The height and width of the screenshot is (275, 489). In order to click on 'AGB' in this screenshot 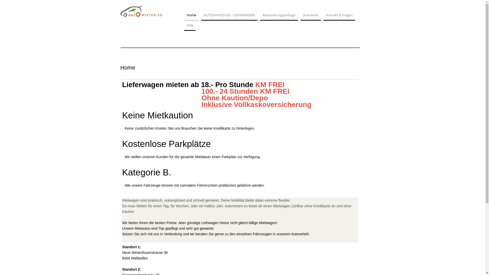, I will do `click(189, 27)`.